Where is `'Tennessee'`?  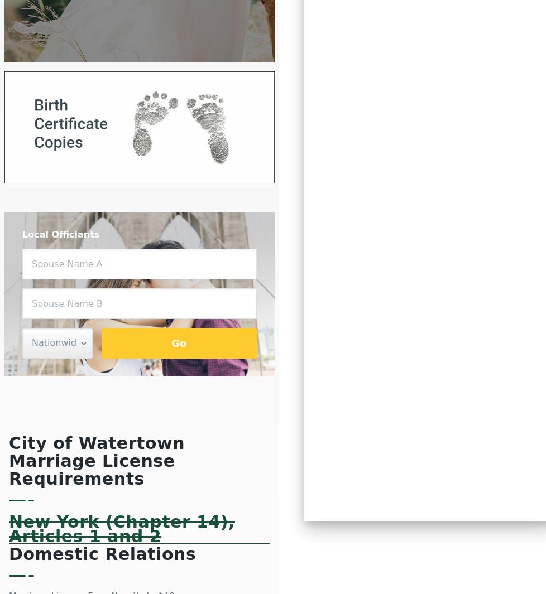 'Tennessee' is located at coordinates (362, 402).